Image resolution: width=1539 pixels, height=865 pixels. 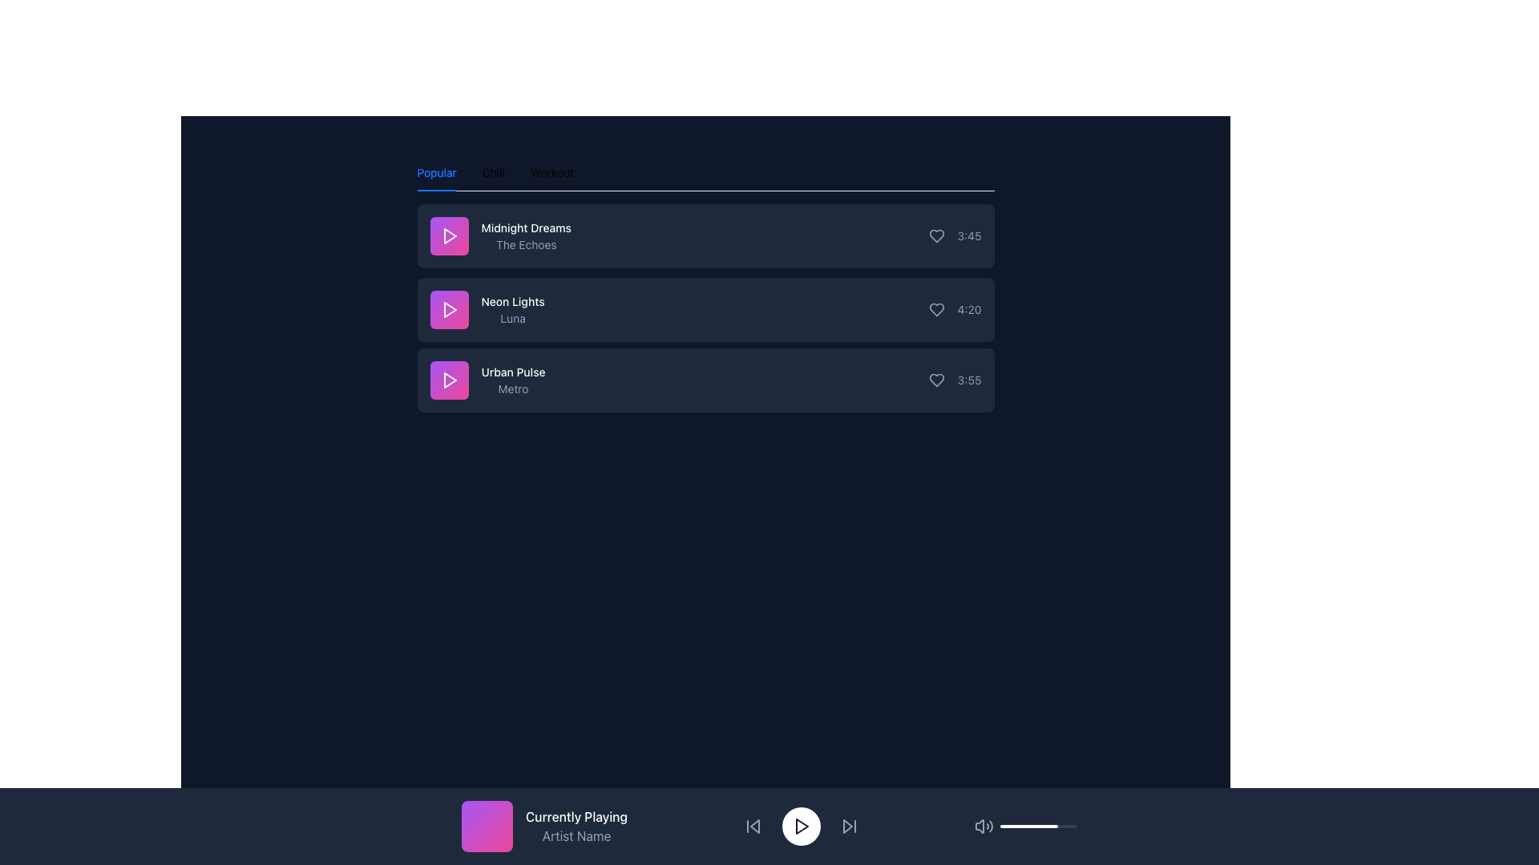 What do you see at coordinates (848, 827) in the screenshot?
I see `the 'Next Track' button located in the bottom control bar, positioned to the right of the circular play button and to the left of the volume control icon` at bounding box center [848, 827].